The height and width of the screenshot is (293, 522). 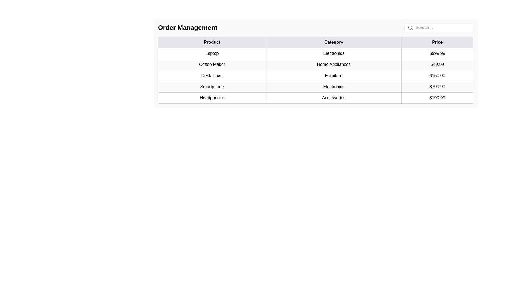 What do you see at coordinates (437, 87) in the screenshot?
I see `the text display element showing the price '$799.99' in the 'Price' column for the 'Smartphone' product in the 'Electronics' category` at bounding box center [437, 87].